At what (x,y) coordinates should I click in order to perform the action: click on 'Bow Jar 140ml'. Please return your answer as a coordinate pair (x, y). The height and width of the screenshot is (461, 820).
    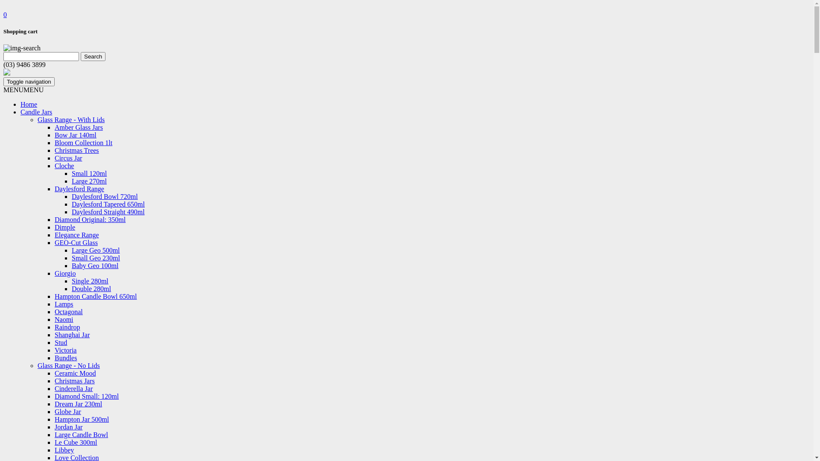
    Looking at the image, I should click on (76, 134).